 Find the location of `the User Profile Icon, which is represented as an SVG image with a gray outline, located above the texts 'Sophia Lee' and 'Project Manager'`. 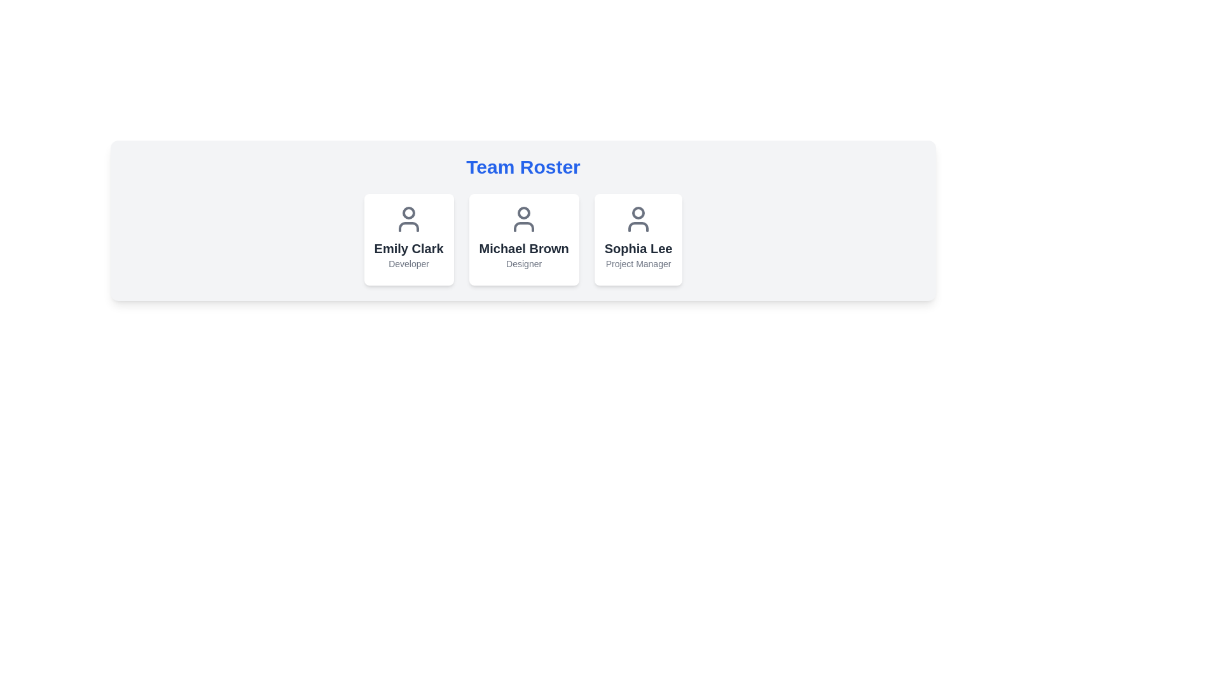

the User Profile Icon, which is represented as an SVG image with a gray outline, located above the texts 'Sophia Lee' and 'Project Manager' is located at coordinates (638, 218).